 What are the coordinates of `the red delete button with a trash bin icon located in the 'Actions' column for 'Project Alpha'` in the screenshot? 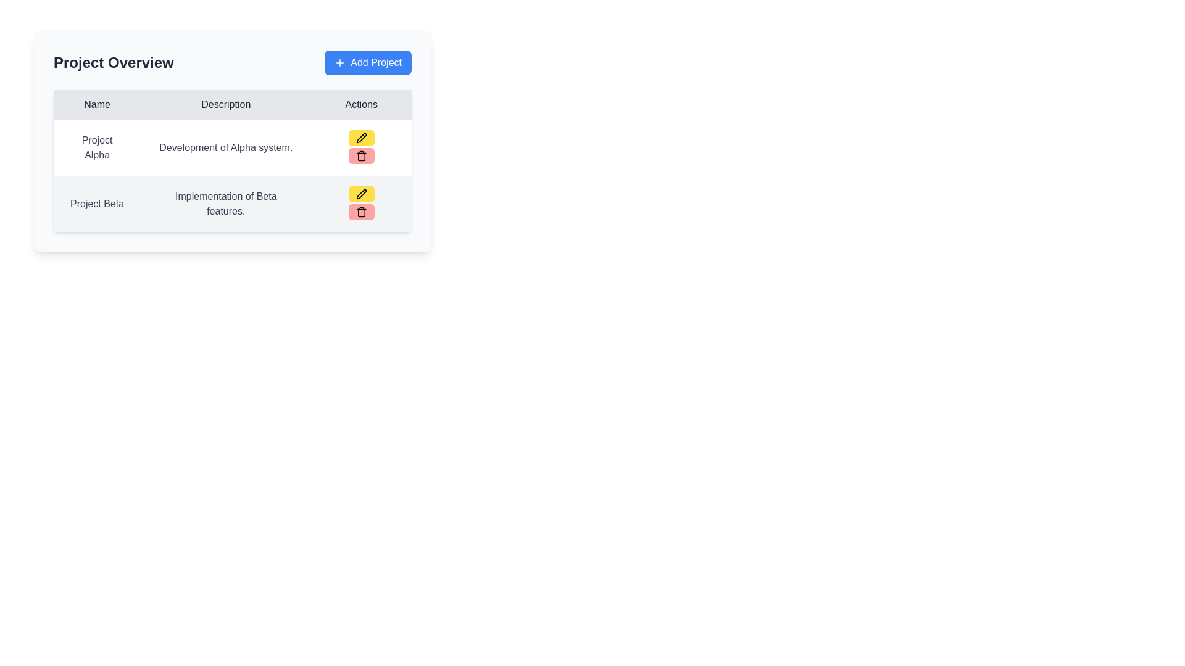 It's located at (360, 155).